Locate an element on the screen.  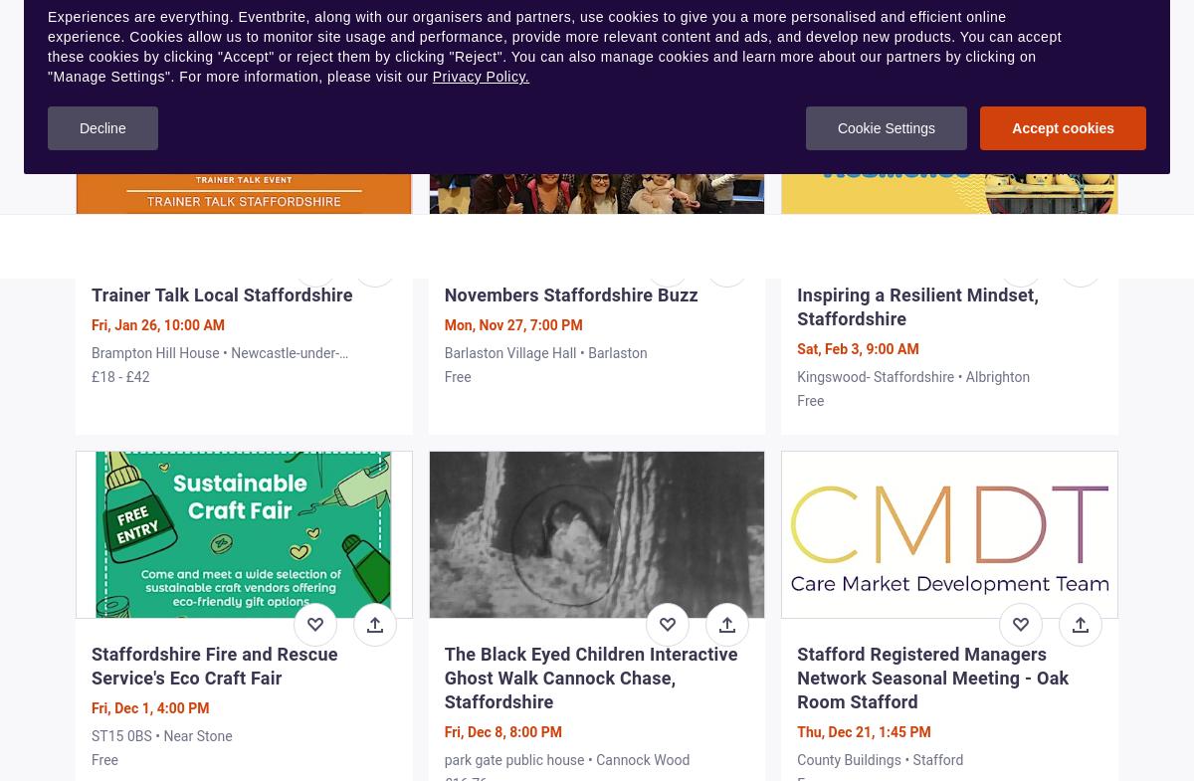
'Trainer Talk Local Staffordshire' is located at coordinates (220, 293).